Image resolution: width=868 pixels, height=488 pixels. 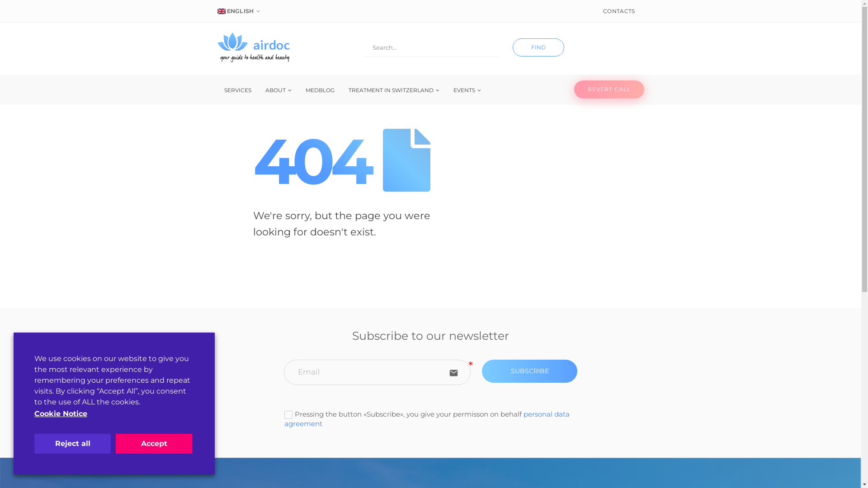 I want to click on 'FIND', so click(x=538, y=47).